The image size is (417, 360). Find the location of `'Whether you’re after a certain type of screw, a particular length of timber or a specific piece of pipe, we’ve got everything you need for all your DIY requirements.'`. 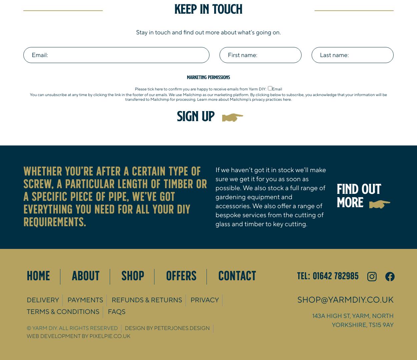

'Whether you’re after a certain type of screw, a particular length of timber or a specific piece of pipe, we’ve got everything you need for all your DIY requirements.' is located at coordinates (23, 197).